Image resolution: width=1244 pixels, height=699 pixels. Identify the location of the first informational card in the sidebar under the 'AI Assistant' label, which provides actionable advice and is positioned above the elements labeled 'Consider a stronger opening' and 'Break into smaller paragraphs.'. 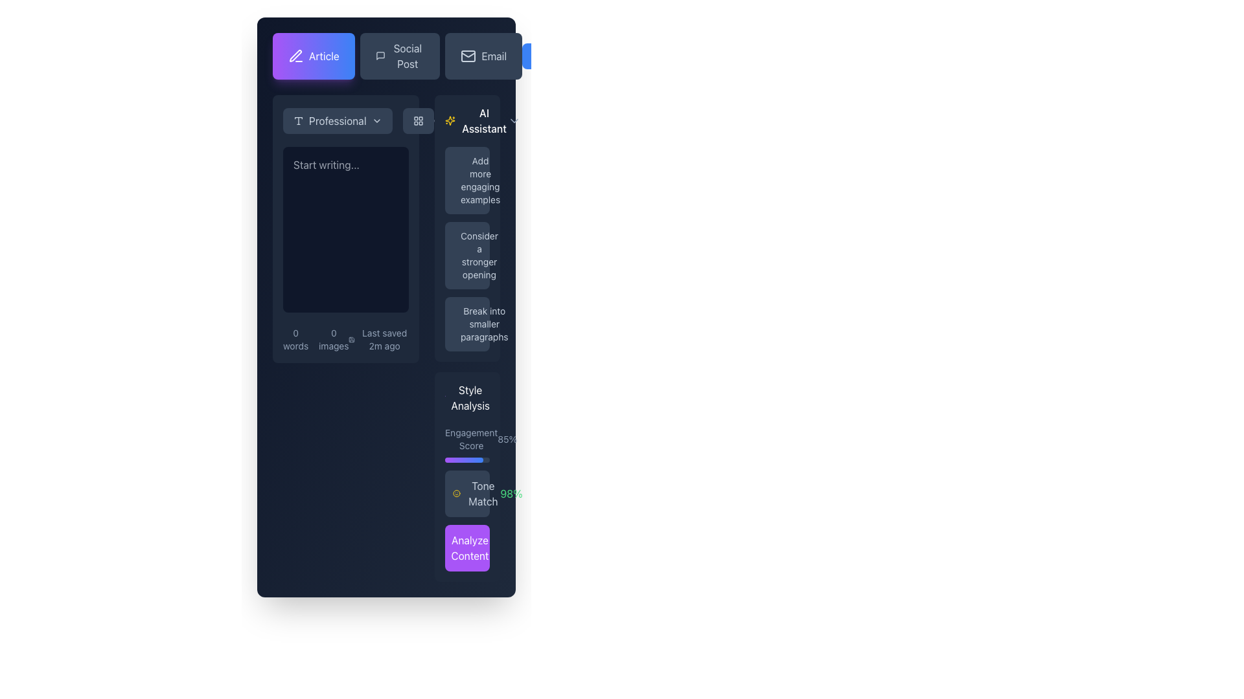
(466, 180).